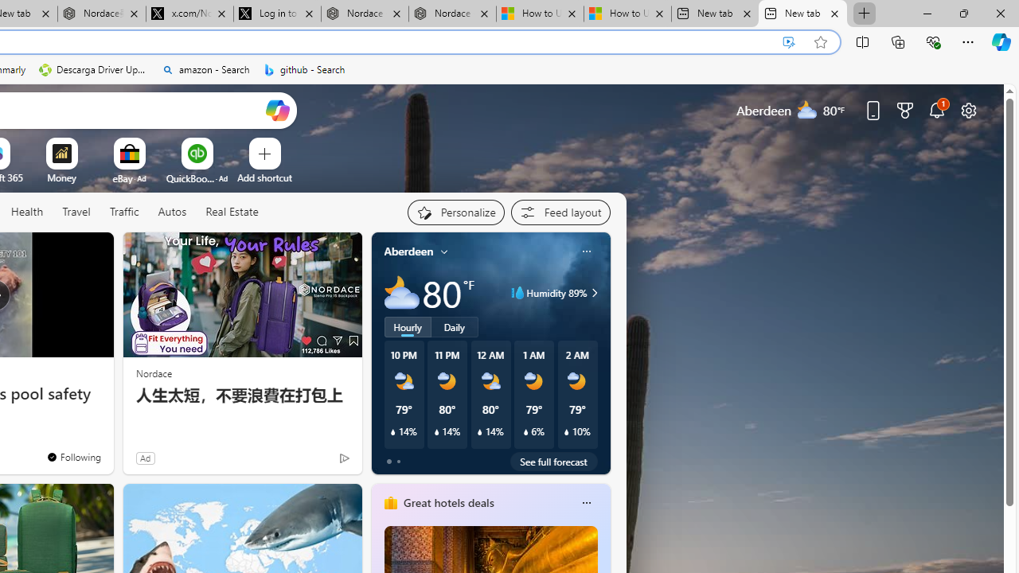 The image size is (1019, 573). Describe the element at coordinates (189, 14) in the screenshot. I see `'x.com/NordaceOfficial'` at that location.